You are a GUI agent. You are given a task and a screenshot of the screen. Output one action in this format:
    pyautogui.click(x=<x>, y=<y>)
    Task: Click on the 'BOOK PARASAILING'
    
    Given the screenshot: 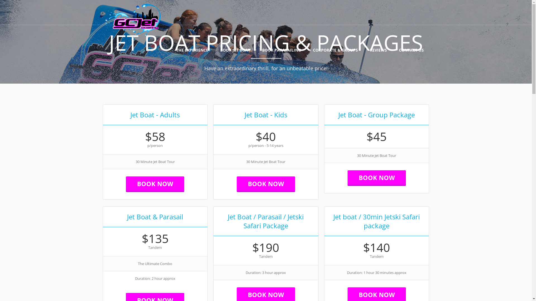 What is the action you would take?
    pyautogui.click(x=281, y=50)
    